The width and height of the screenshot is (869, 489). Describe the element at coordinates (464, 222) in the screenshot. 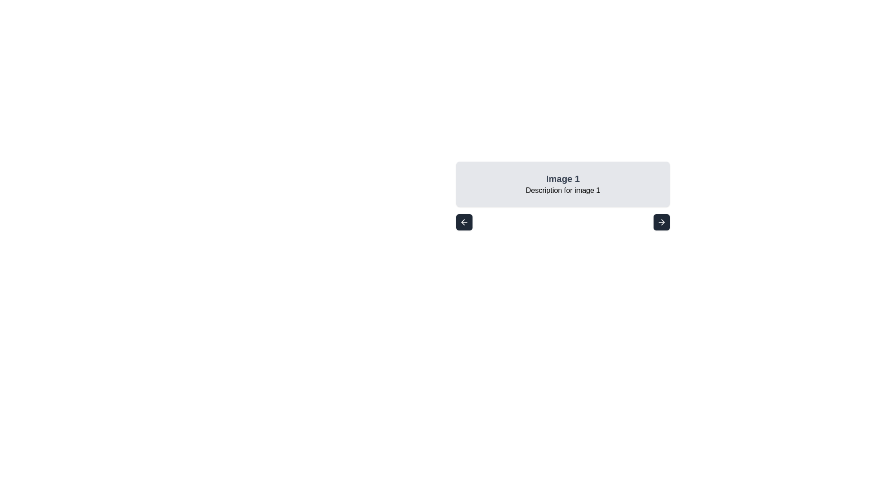

I see `the left arrow button to navigate to the previous item in the carousel` at that location.